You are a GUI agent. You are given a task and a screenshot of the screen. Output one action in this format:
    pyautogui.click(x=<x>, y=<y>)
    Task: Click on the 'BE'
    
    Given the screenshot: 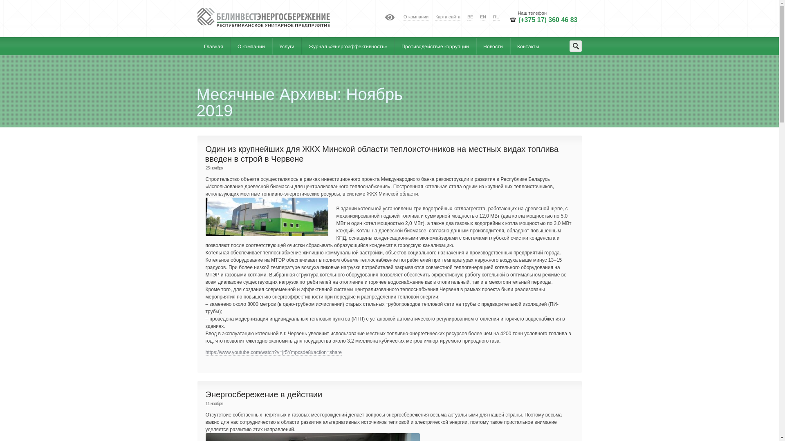 What is the action you would take?
    pyautogui.click(x=470, y=17)
    